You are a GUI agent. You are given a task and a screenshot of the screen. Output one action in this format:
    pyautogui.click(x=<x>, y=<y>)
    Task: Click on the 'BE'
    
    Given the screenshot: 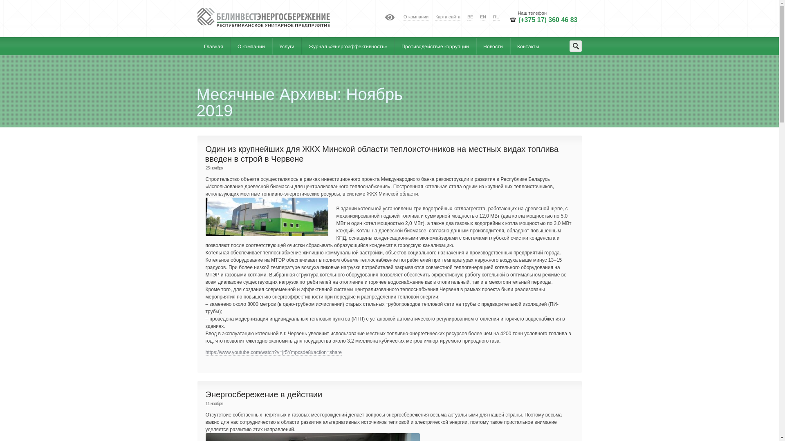 What is the action you would take?
    pyautogui.click(x=470, y=17)
    